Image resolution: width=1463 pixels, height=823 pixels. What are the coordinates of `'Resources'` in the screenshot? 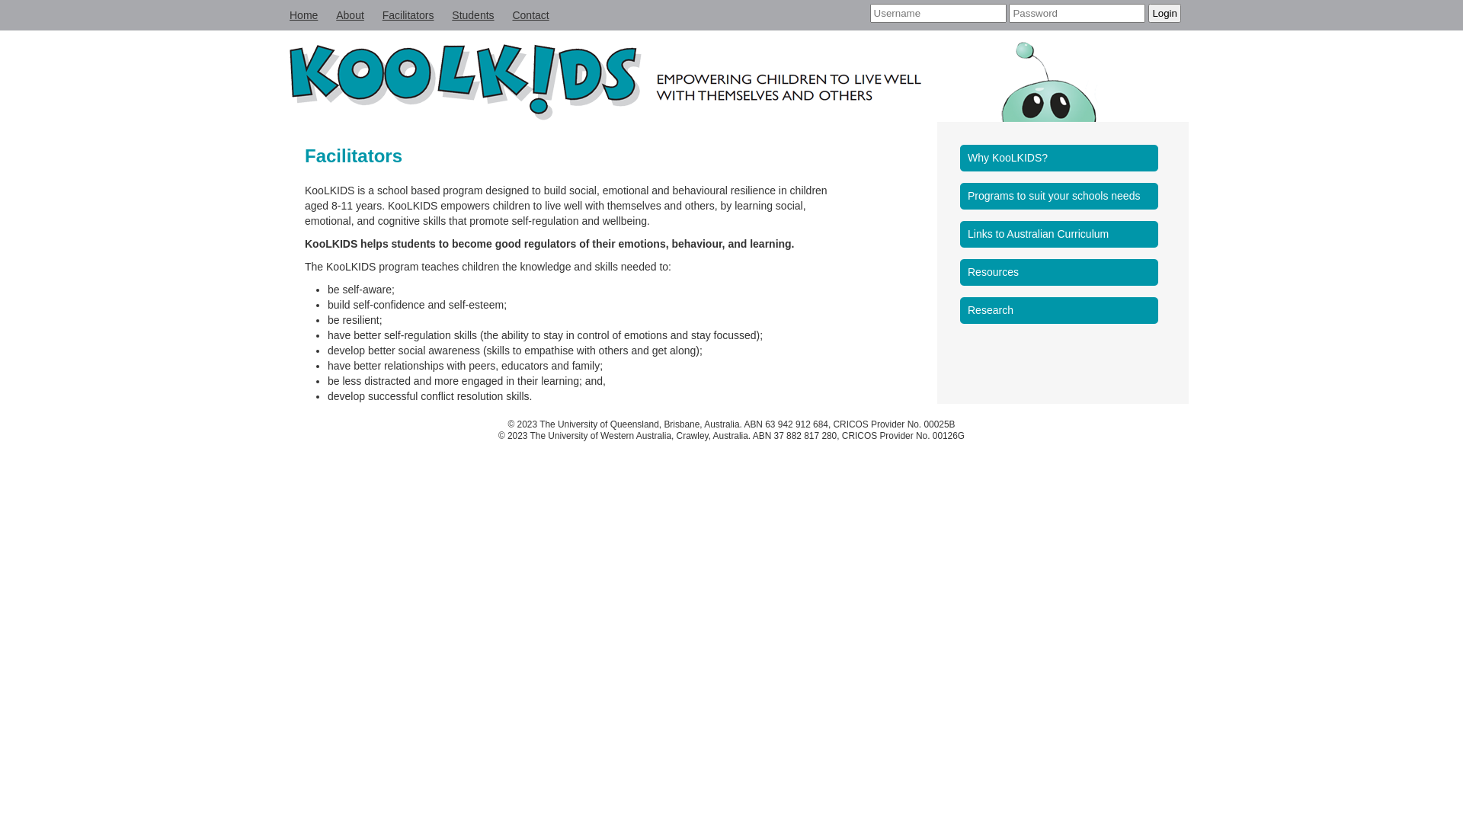 It's located at (1062, 271).